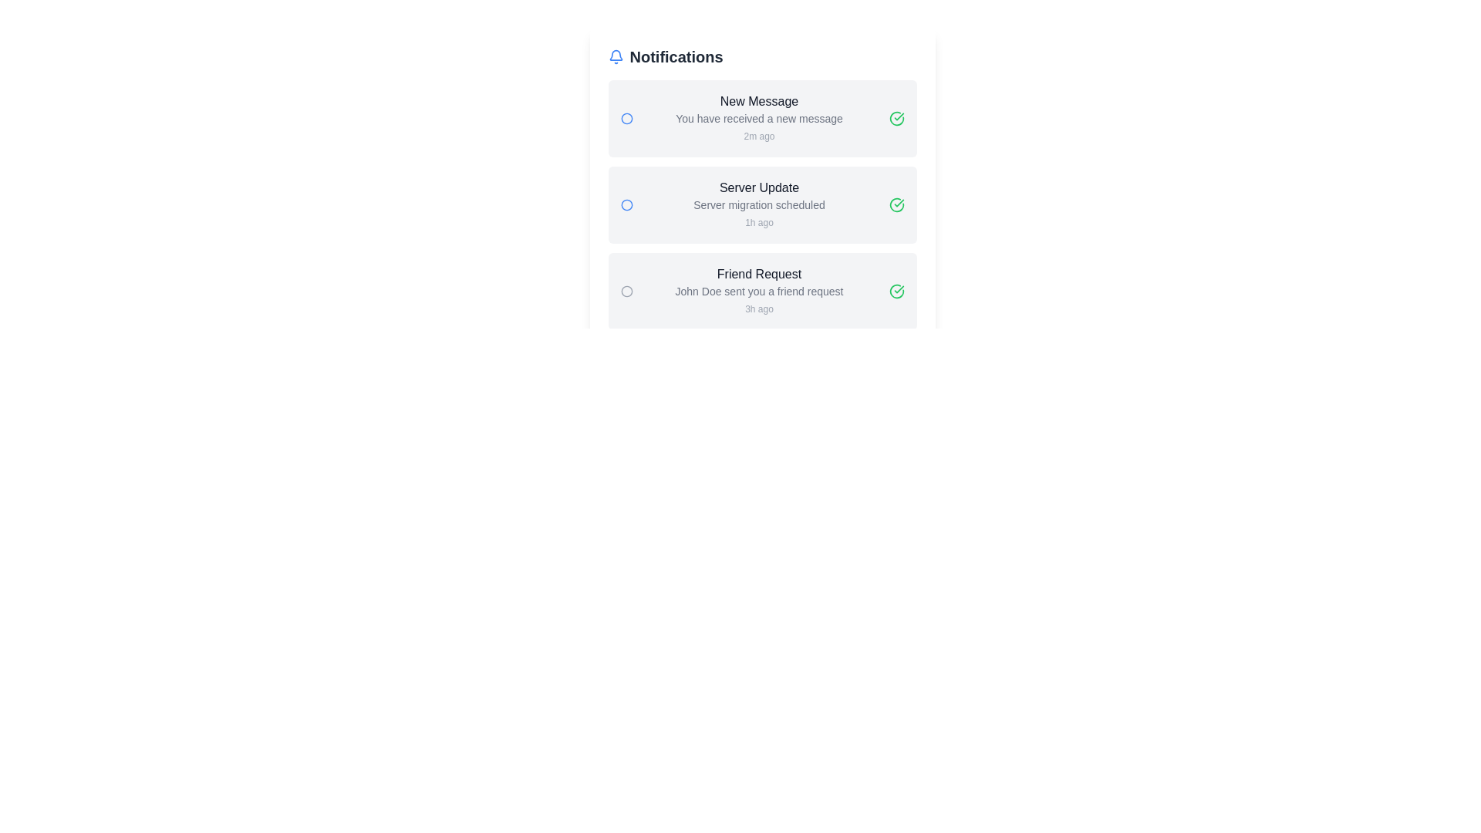 The image size is (1481, 833). I want to click on the first icon in the 'Friend Request' notification card, which indicates an unread status, so click(626, 292).